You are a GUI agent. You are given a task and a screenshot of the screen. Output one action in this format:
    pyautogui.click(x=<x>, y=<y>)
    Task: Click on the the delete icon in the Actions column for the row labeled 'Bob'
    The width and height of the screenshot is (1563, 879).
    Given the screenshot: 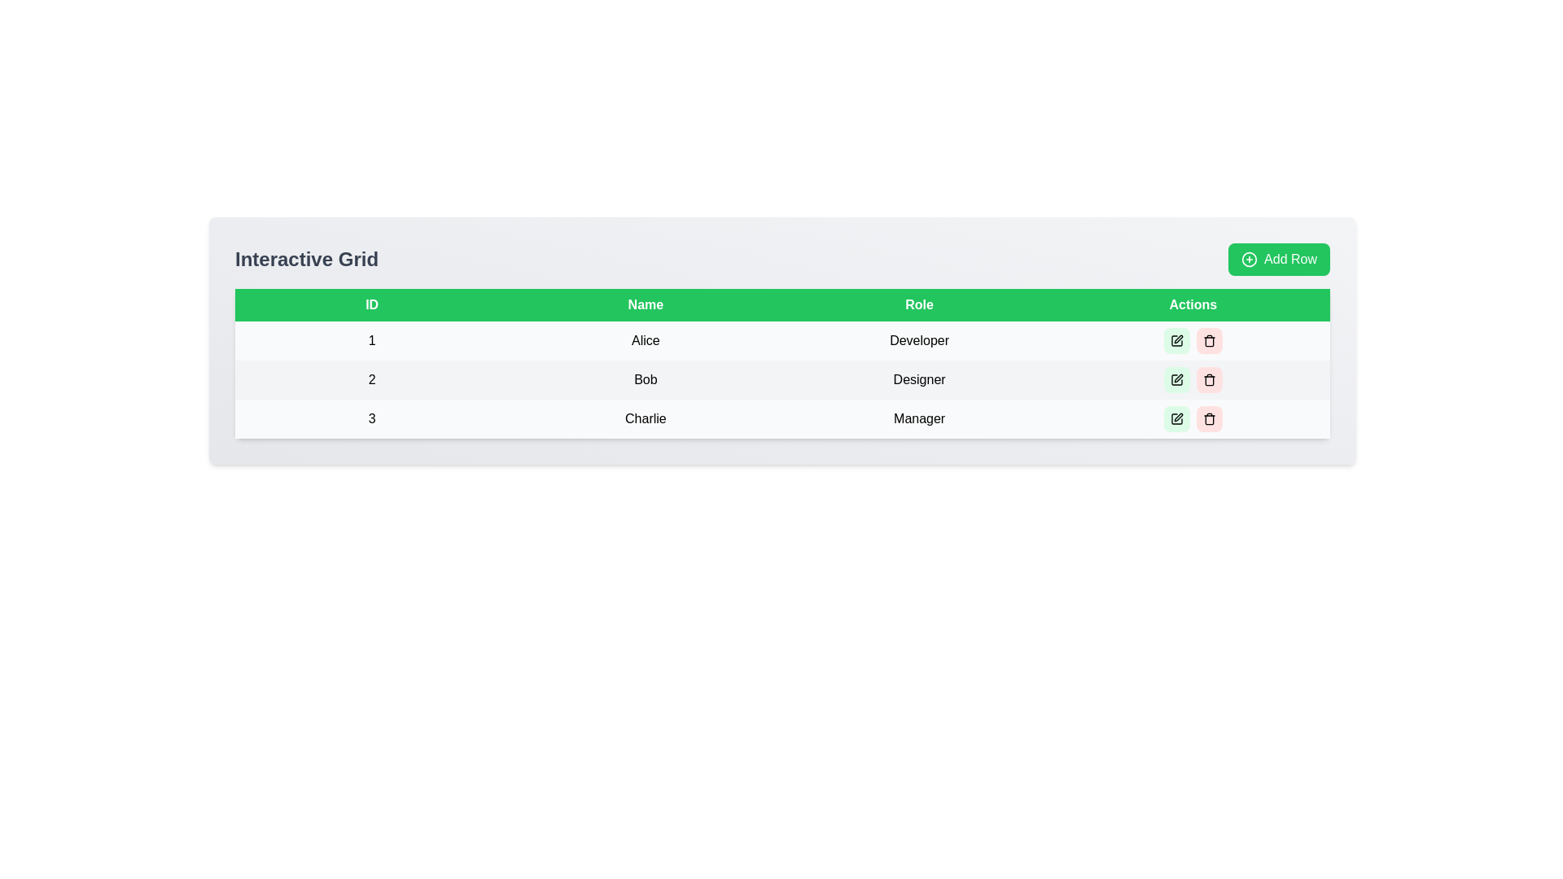 What is the action you would take?
    pyautogui.click(x=1209, y=379)
    